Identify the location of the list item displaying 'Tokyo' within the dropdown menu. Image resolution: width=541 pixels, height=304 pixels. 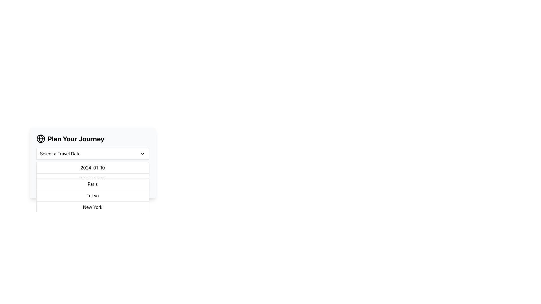
(93, 195).